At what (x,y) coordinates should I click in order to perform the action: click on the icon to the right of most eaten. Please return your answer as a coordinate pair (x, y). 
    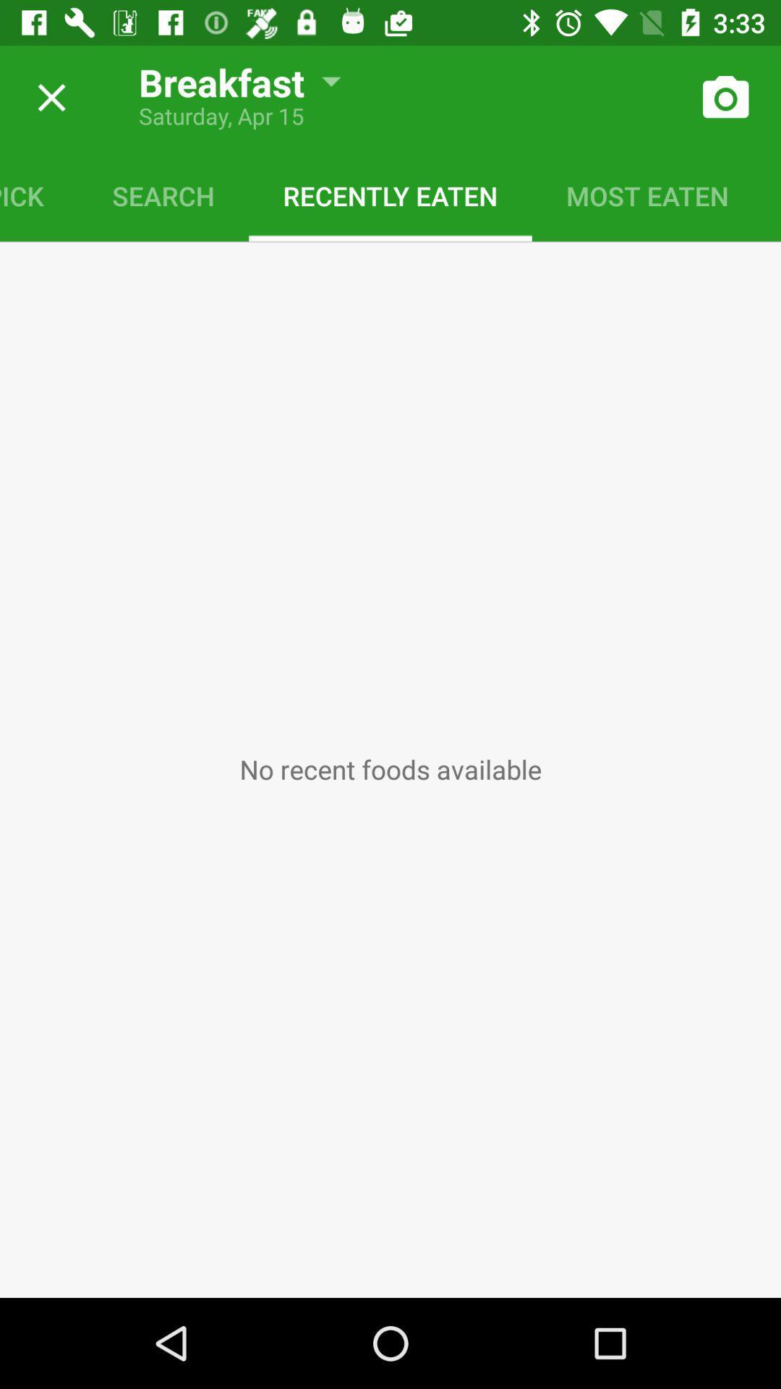
    Looking at the image, I should click on (771, 195).